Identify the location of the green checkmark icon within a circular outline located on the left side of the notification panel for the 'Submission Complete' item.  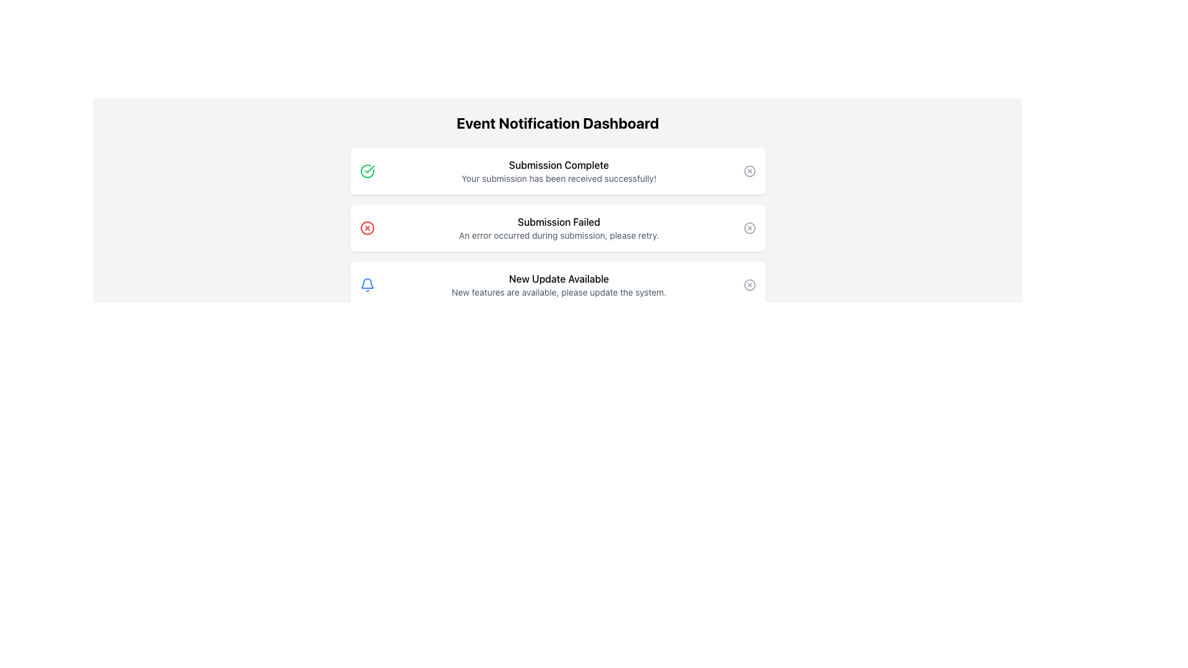
(366, 171).